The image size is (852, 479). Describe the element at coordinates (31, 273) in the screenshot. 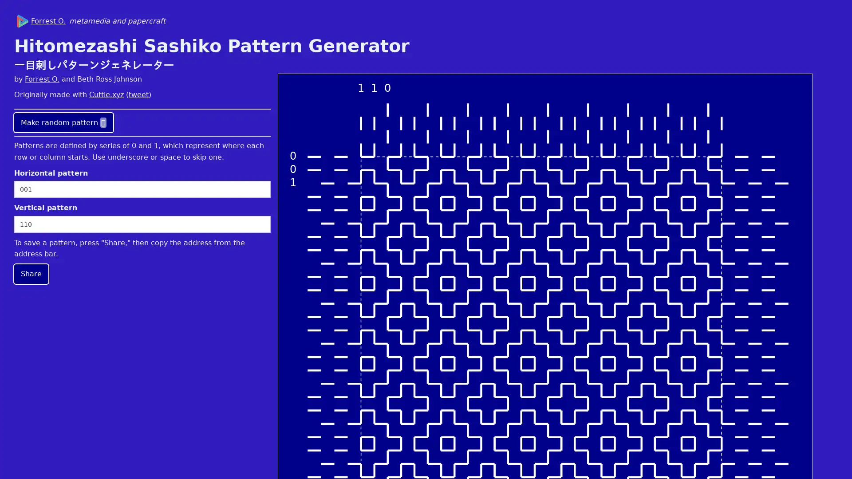

I see `Share` at that location.